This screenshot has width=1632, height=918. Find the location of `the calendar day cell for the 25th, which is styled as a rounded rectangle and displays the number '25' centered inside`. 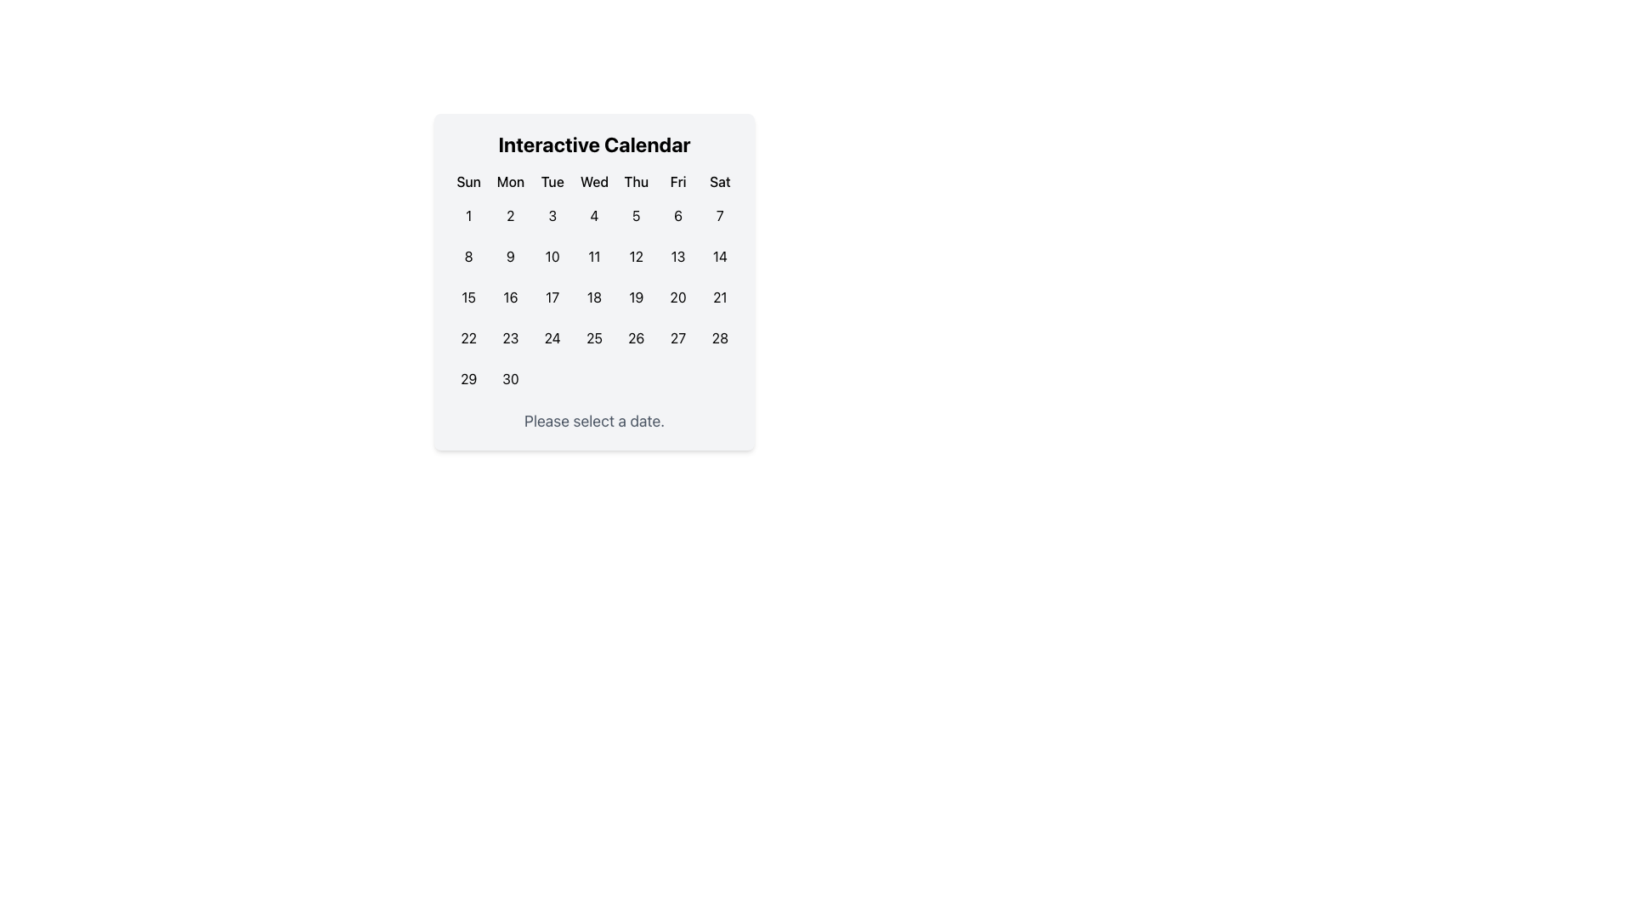

the calendar day cell for the 25th, which is styled as a rounded rectangle and displays the number '25' centered inside is located at coordinates (594, 337).